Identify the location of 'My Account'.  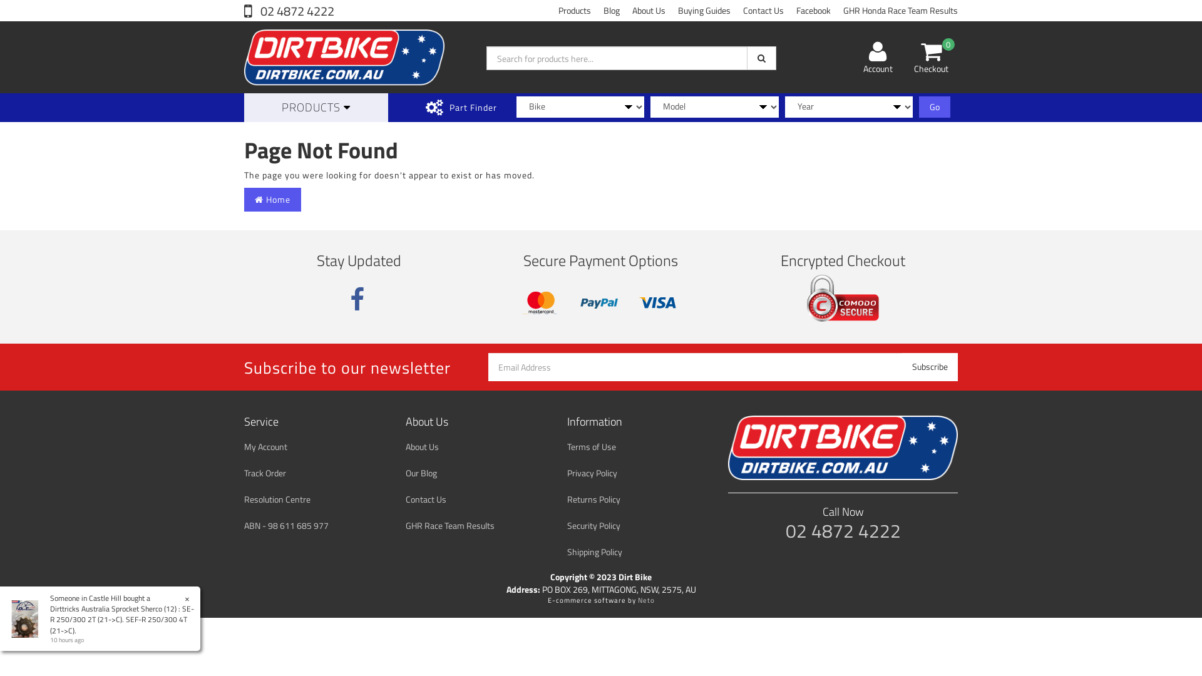
(314, 446).